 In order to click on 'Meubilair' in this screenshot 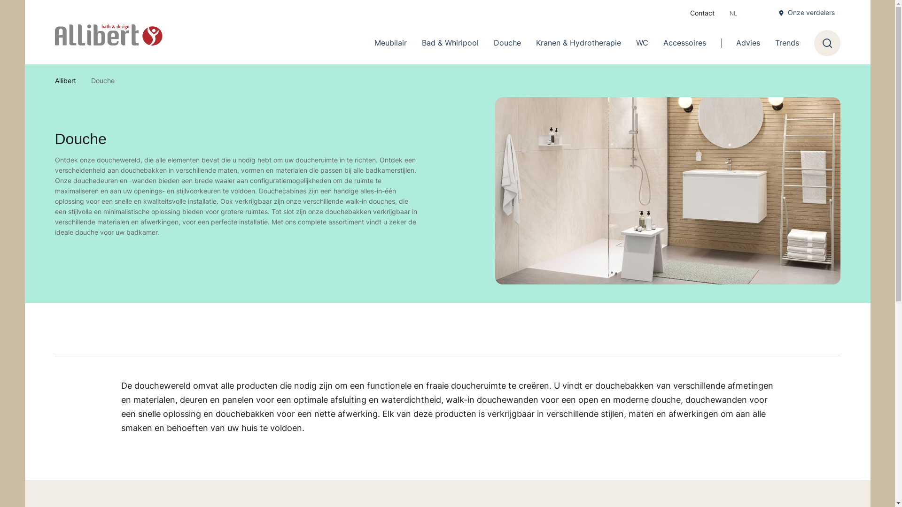, I will do `click(390, 43)`.